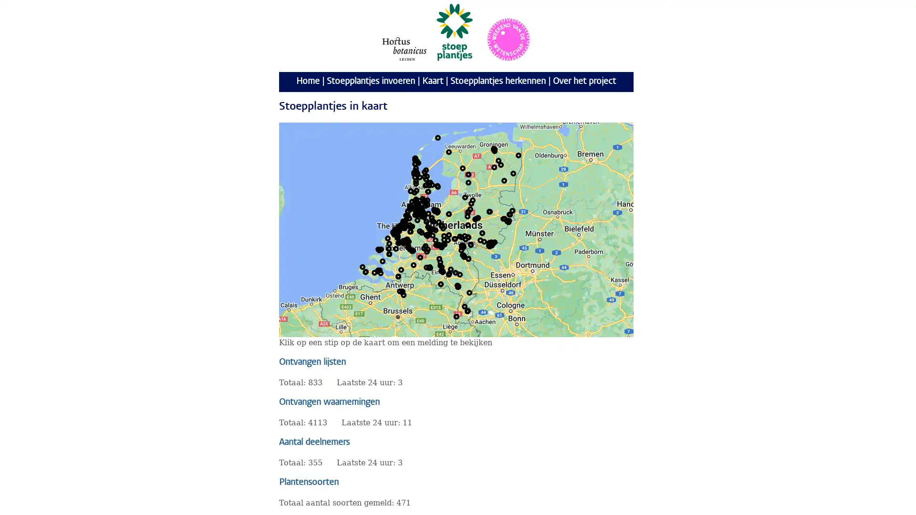 The image size is (916, 515). I want to click on Telling van Richard op 08 oktober 2021, so click(500, 164).